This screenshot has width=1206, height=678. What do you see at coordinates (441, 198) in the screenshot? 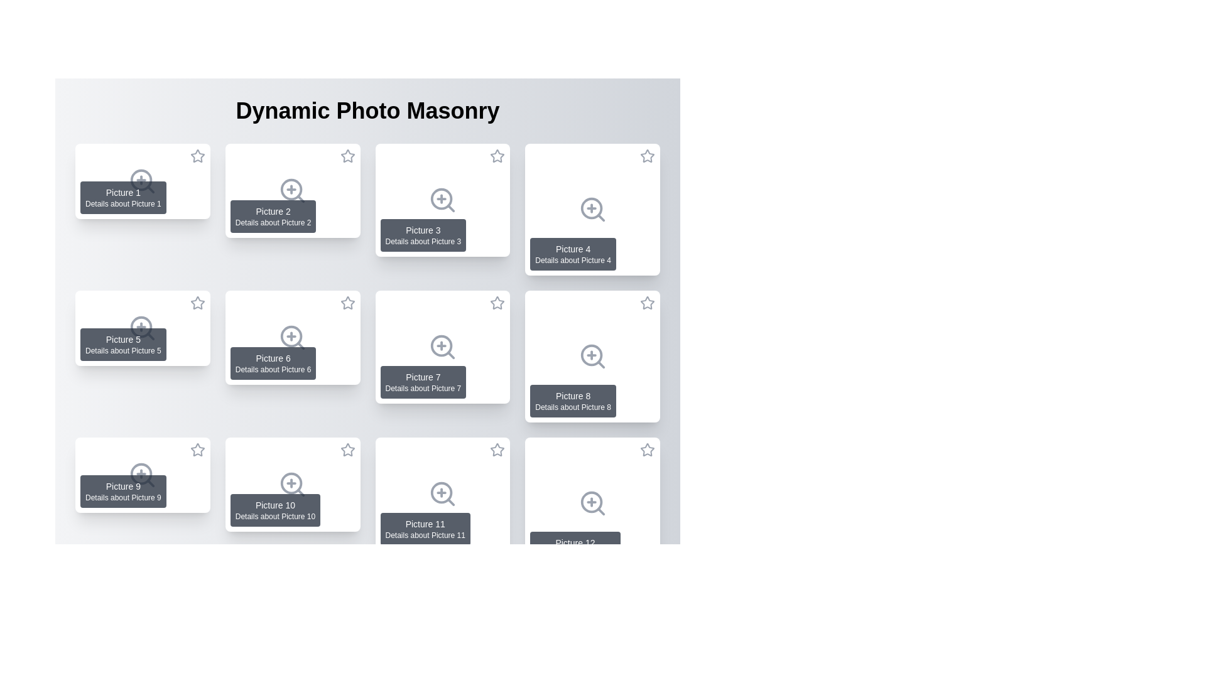
I see `the outer circular boundary of the zoom-in magnifying glass icon located in the 'Picture 3' card, positioned in the second row, third column of the grid layout using assistive technologies` at bounding box center [441, 198].